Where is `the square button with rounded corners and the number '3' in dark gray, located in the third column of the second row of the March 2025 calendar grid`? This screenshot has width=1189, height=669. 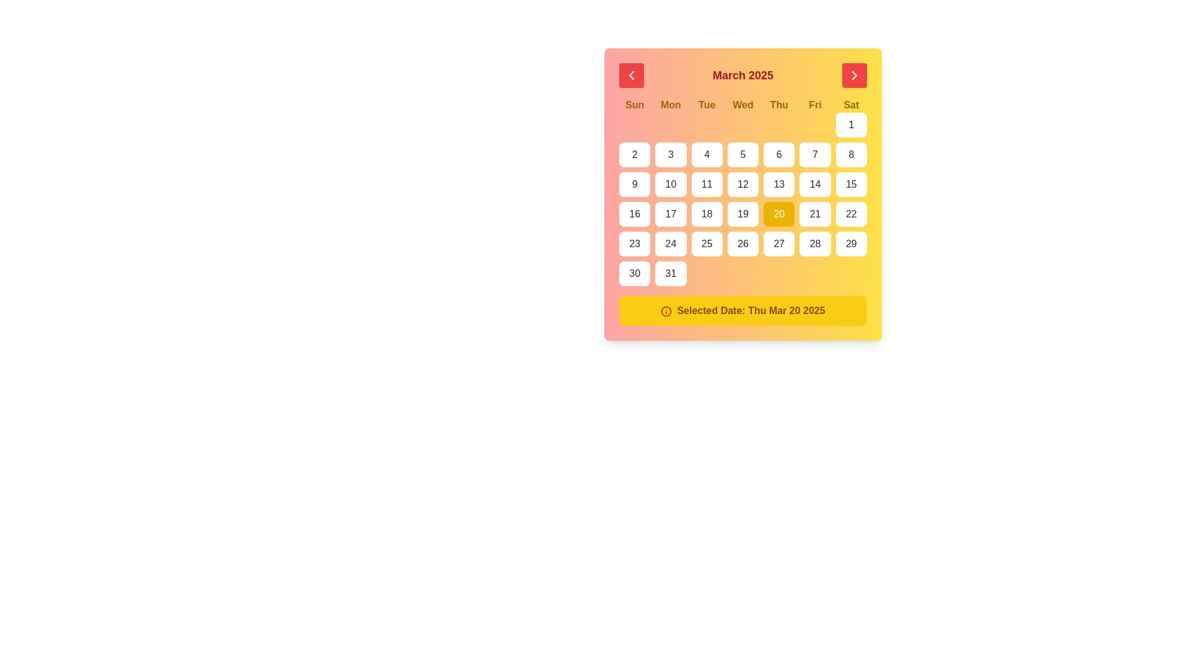
the square button with rounded corners and the number '3' in dark gray, located in the third column of the second row of the March 2025 calendar grid is located at coordinates (670, 154).